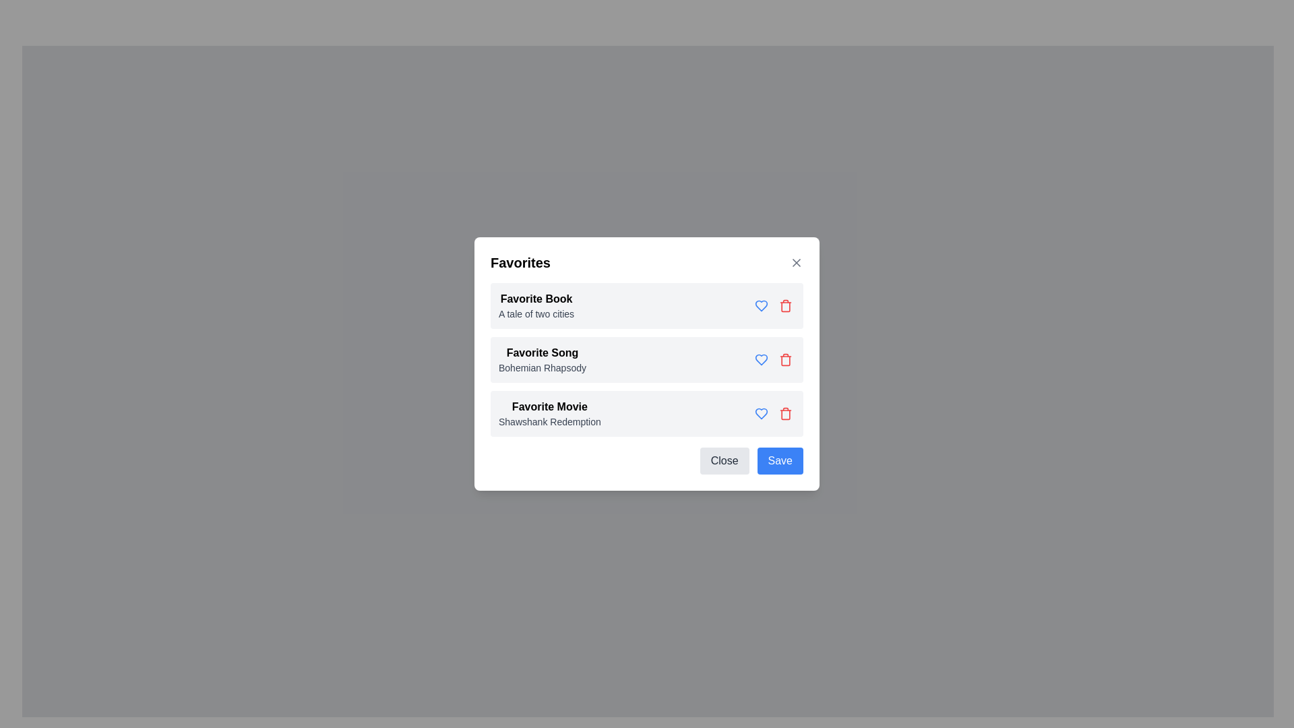 The image size is (1294, 728). What do you see at coordinates (786, 306) in the screenshot?
I see `the deletion button icon located to the right of the blue heart icon under the 'Favorite Book' entry` at bounding box center [786, 306].